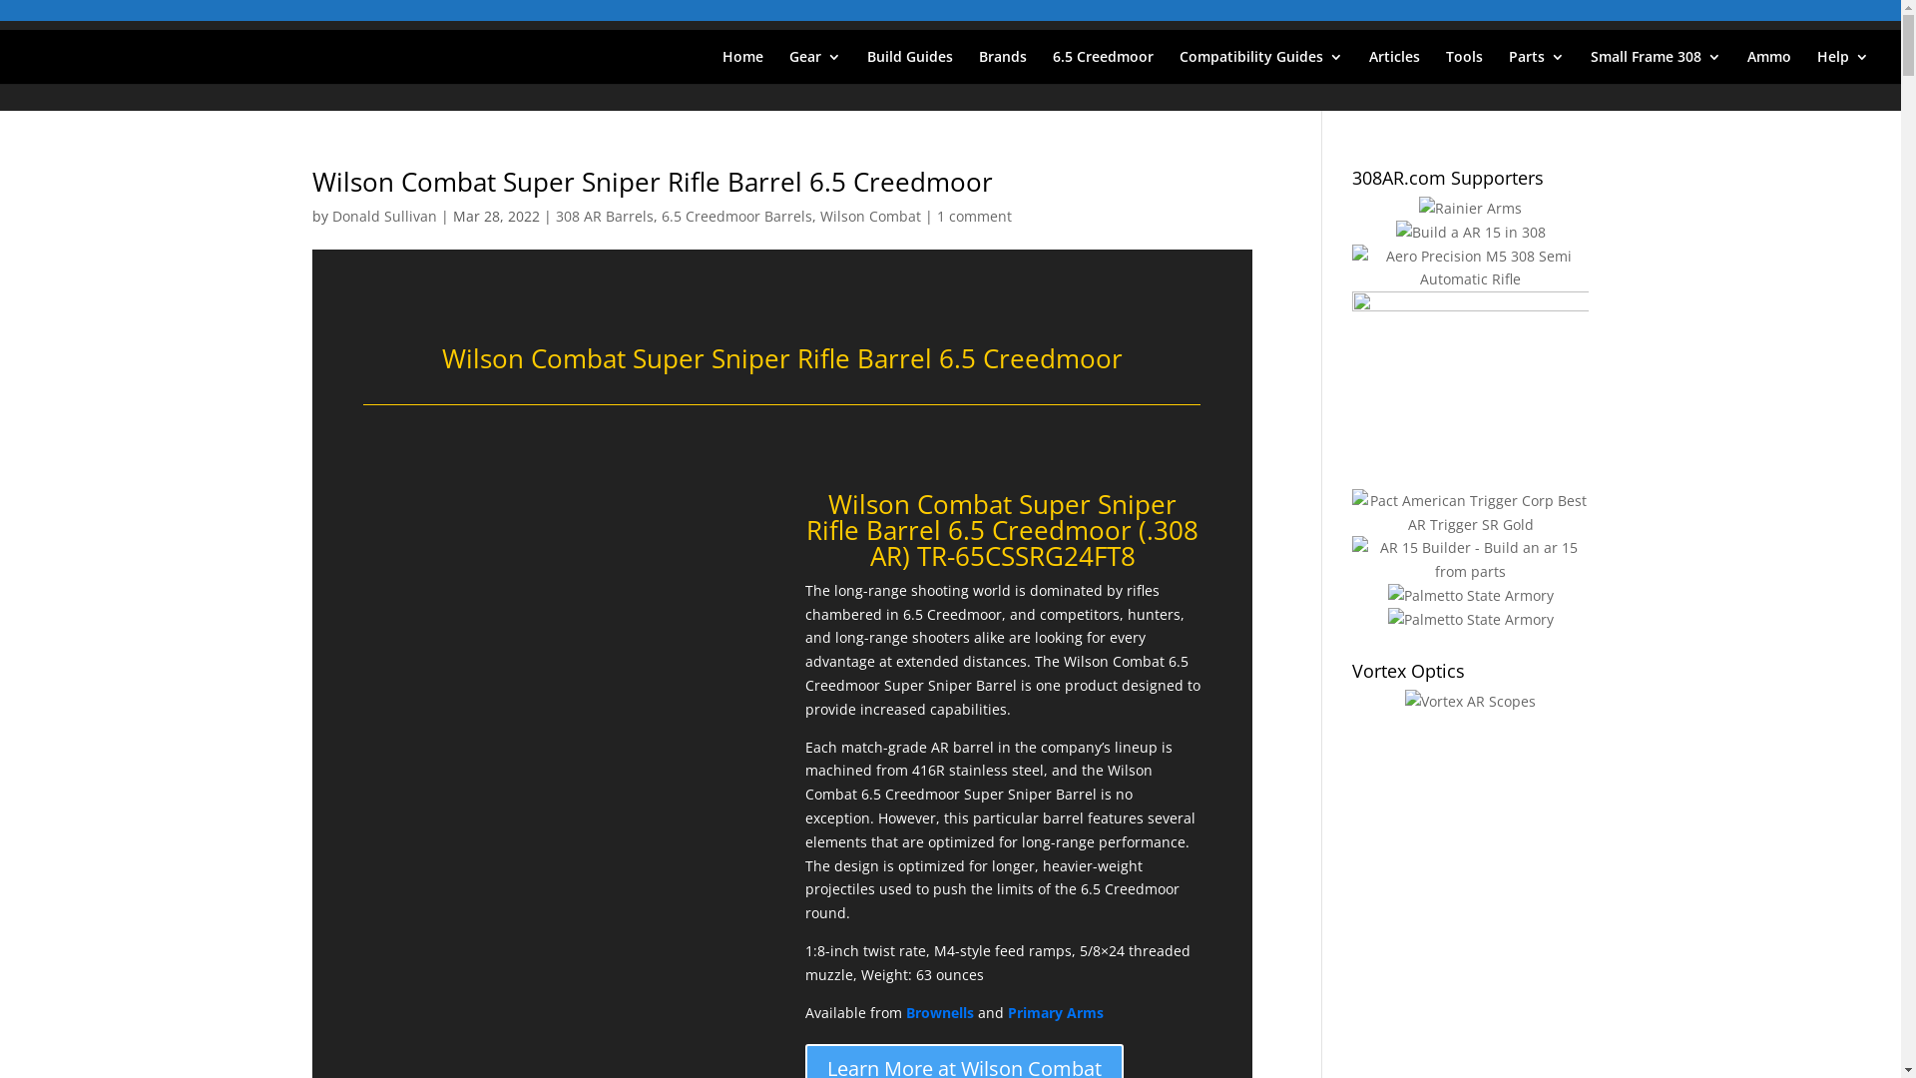 The image size is (1916, 1078). What do you see at coordinates (1470, 511) in the screenshot?
I see `'SR Gold AR Trigger'` at bounding box center [1470, 511].